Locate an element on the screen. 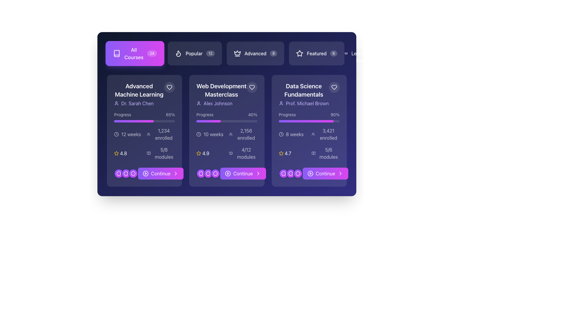  the clock icon representing the course duration, which is located in the second card from the left in the main content area, adjacent to the text '10 weeks' is located at coordinates (199, 134).